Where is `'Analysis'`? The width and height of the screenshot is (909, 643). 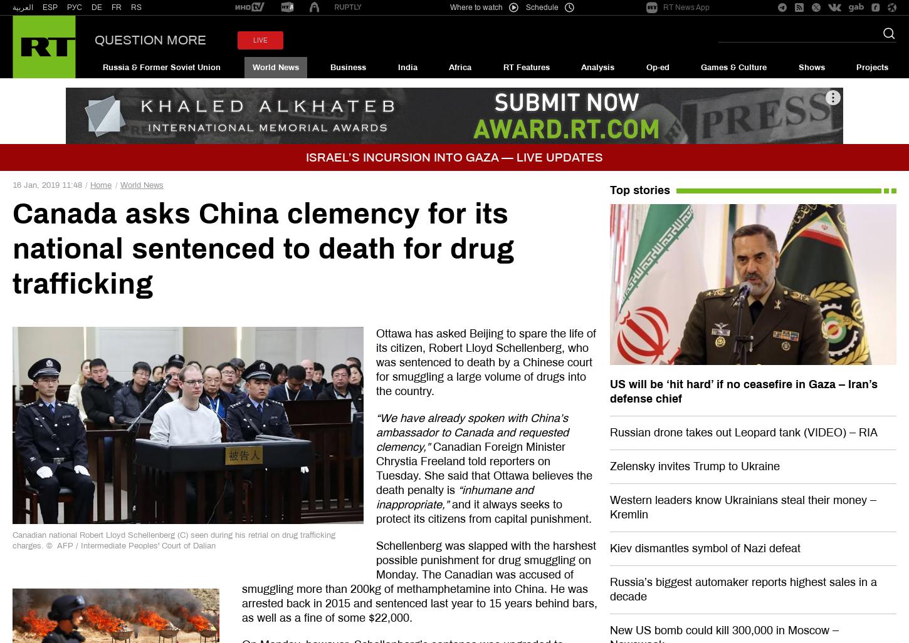
'Analysis' is located at coordinates (597, 66).